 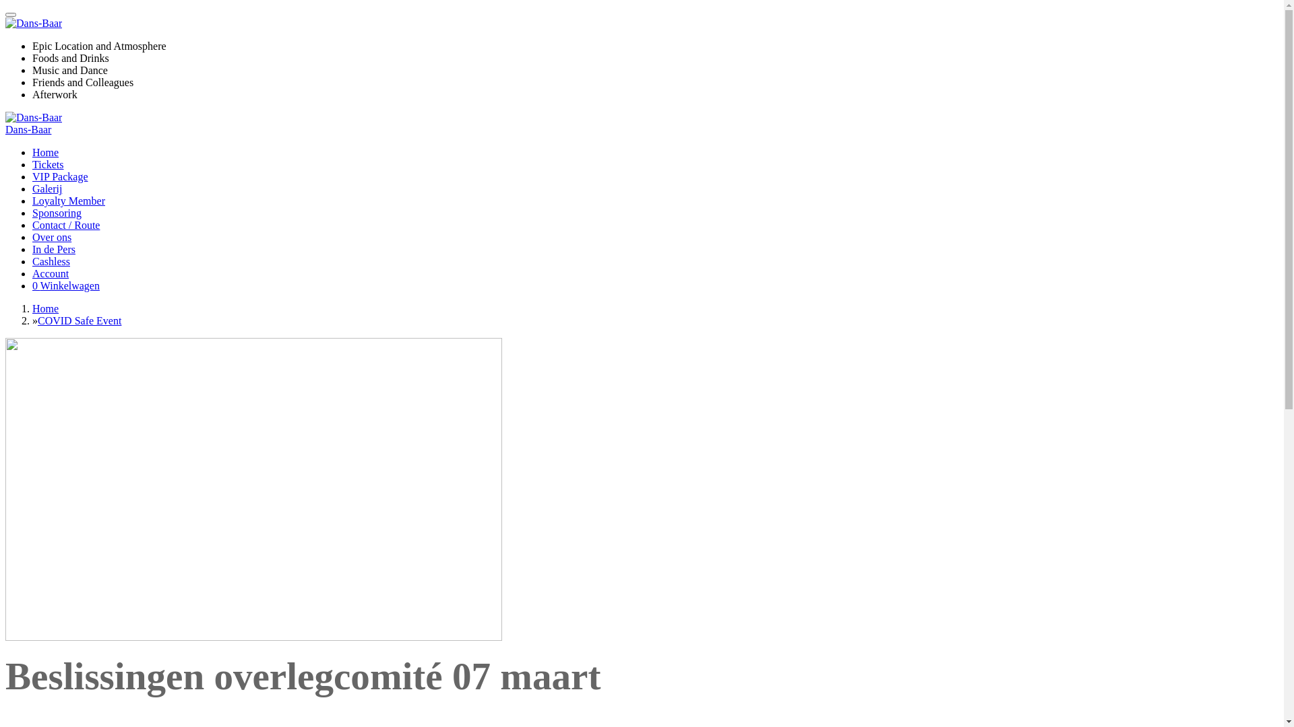 I want to click on 'Over ons', so click(x=51, y=236).